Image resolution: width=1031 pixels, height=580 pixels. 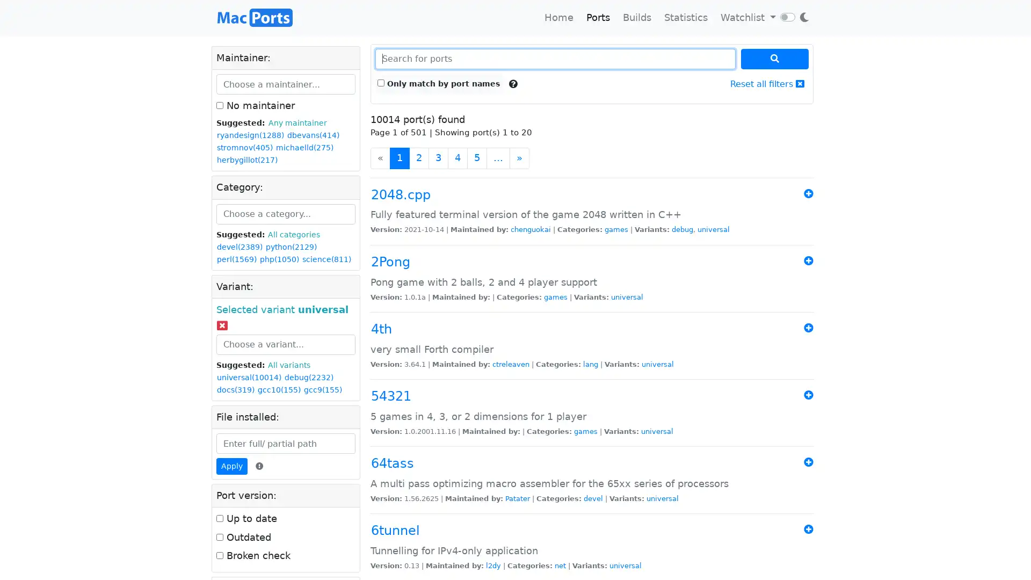 I want to click on dbevans(414), so click(x=313, y=135).